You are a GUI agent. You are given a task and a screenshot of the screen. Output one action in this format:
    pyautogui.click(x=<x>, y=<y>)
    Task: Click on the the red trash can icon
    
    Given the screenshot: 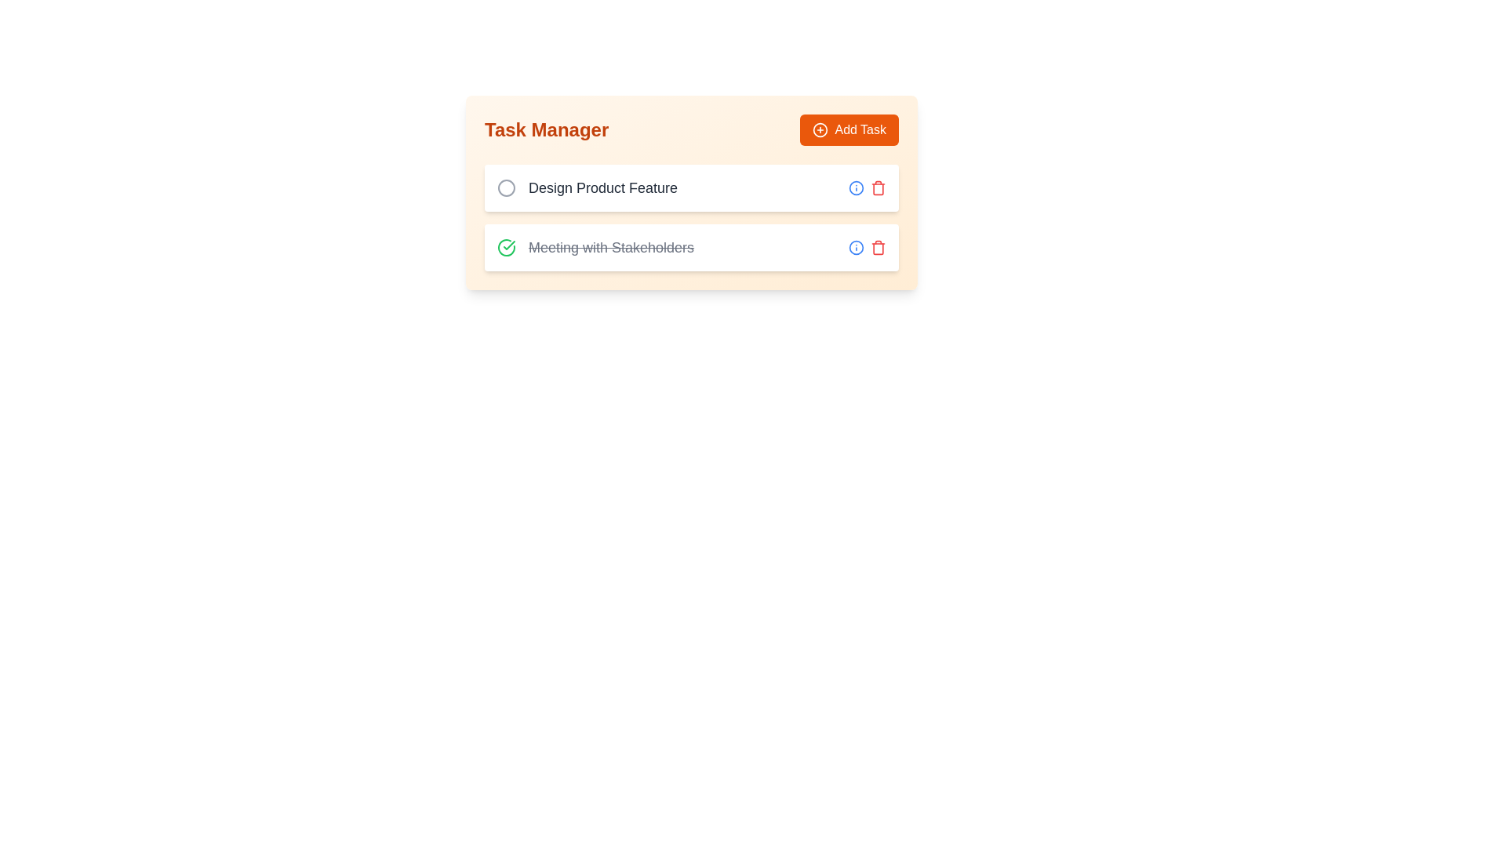 What is the action you would take?
    pyautogui.click(x=866, y=247)
    